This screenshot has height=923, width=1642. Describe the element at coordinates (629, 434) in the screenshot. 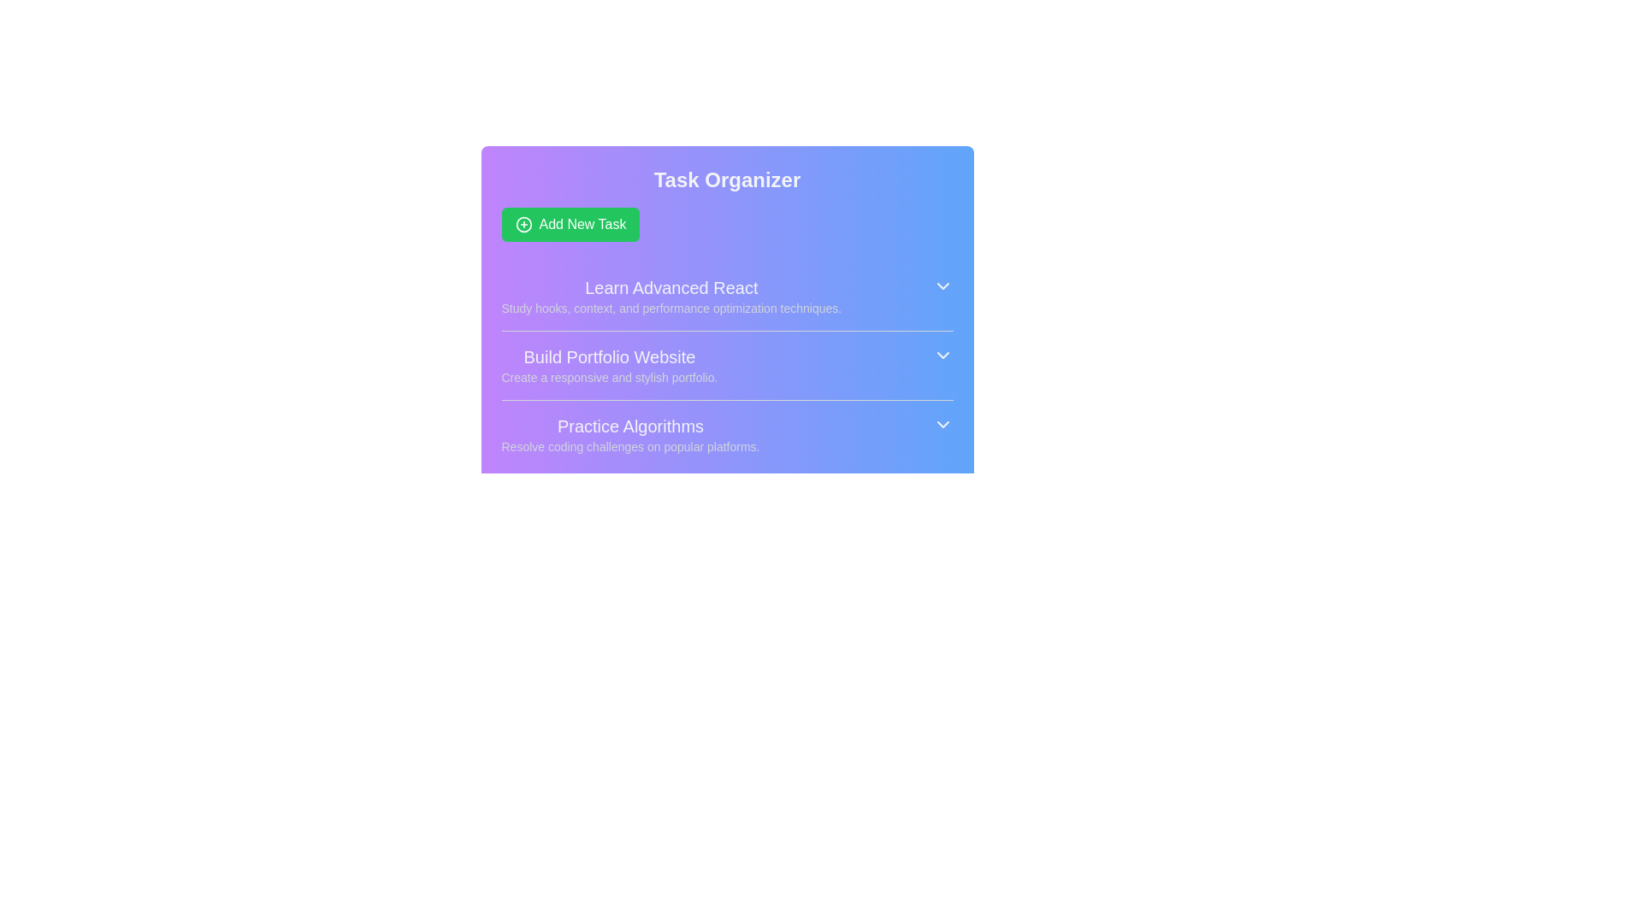

I see `the 'Practice Algorithms' text element, which features a larger white font for the title and a smaller gray font for the description, located in the 'Task Organizer' interface as the third item in the list` at that location.